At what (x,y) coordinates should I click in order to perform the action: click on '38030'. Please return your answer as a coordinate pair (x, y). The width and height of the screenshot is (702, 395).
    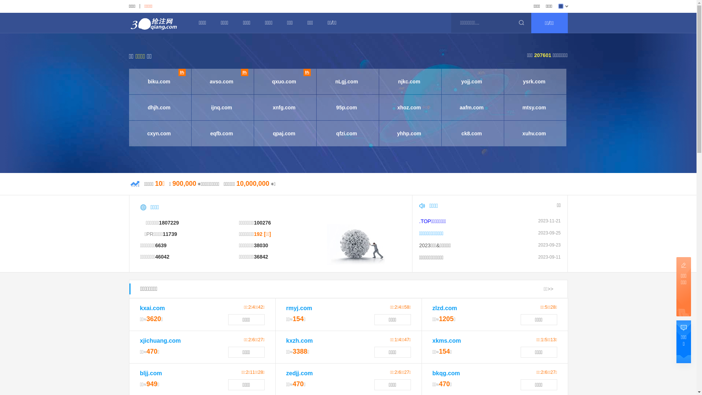
    Looking at the image, I should click on (261, 245).